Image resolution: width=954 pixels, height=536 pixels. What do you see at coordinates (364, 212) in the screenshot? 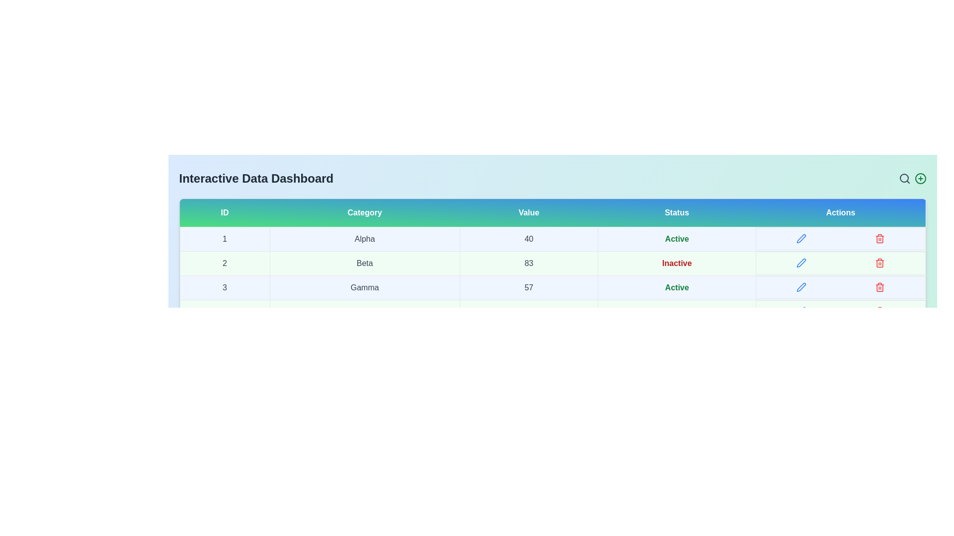
I see `the table header Category to sort or filter the data` at bounding box center [364, 212].